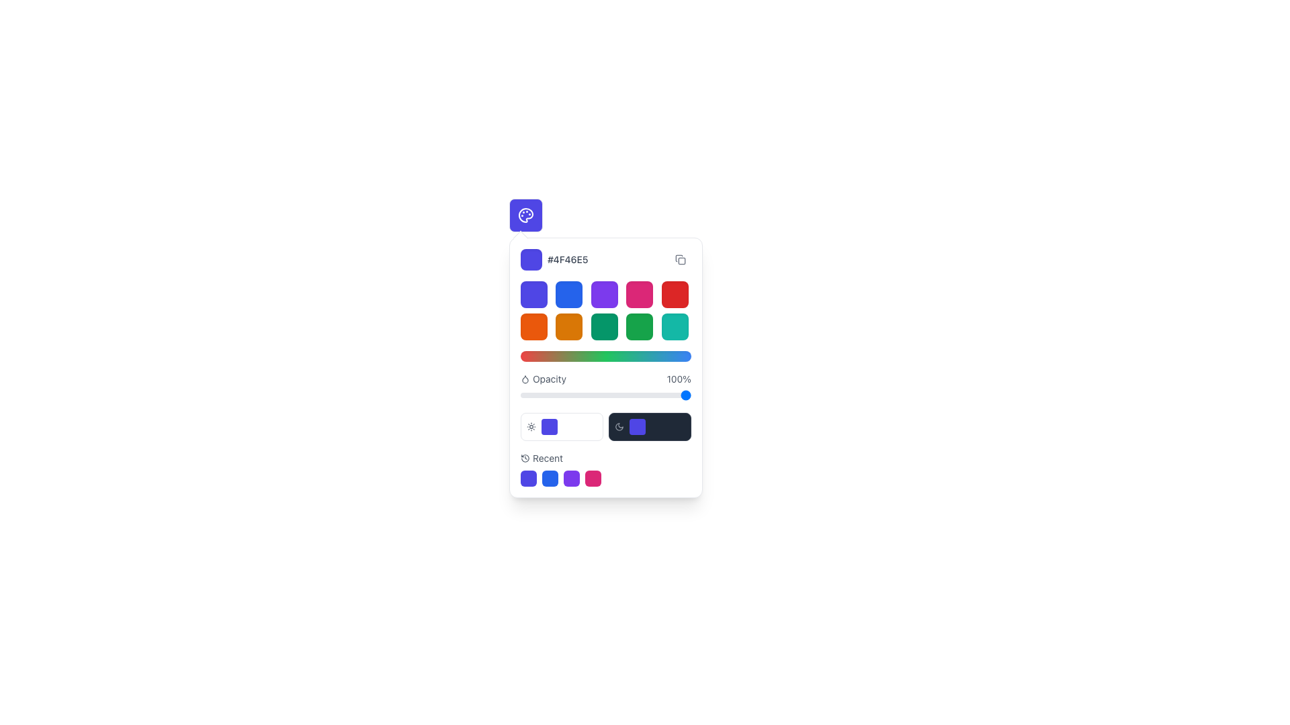 The height and width of the screenshot is (725, 1290). I want to click on opacity, so click(593, 395).